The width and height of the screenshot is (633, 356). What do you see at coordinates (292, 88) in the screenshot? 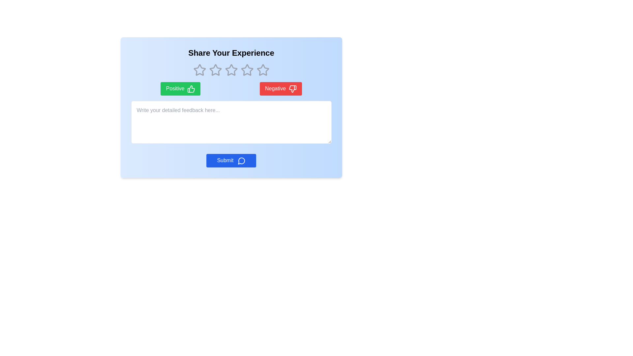
I see `thumbs-down icon component of the negative feedback button labeled 'Negative' using developer tools` at bounding box center [292, 88].